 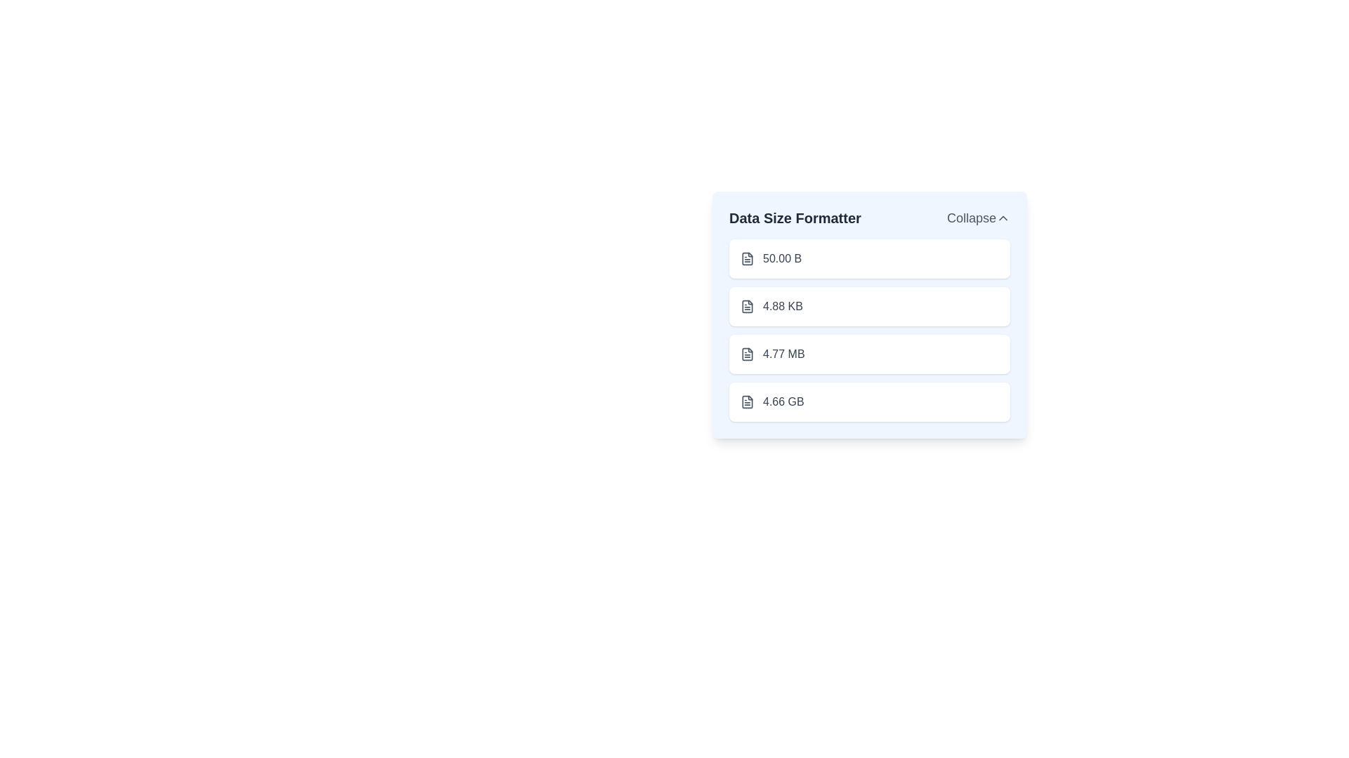 What do you see at coordinates (747, 305) in the screenshot?
I see `the small gray document icon located to the left of the text '4.88 KB' within the white card displaying file size information` at bounding box center [747, 305].